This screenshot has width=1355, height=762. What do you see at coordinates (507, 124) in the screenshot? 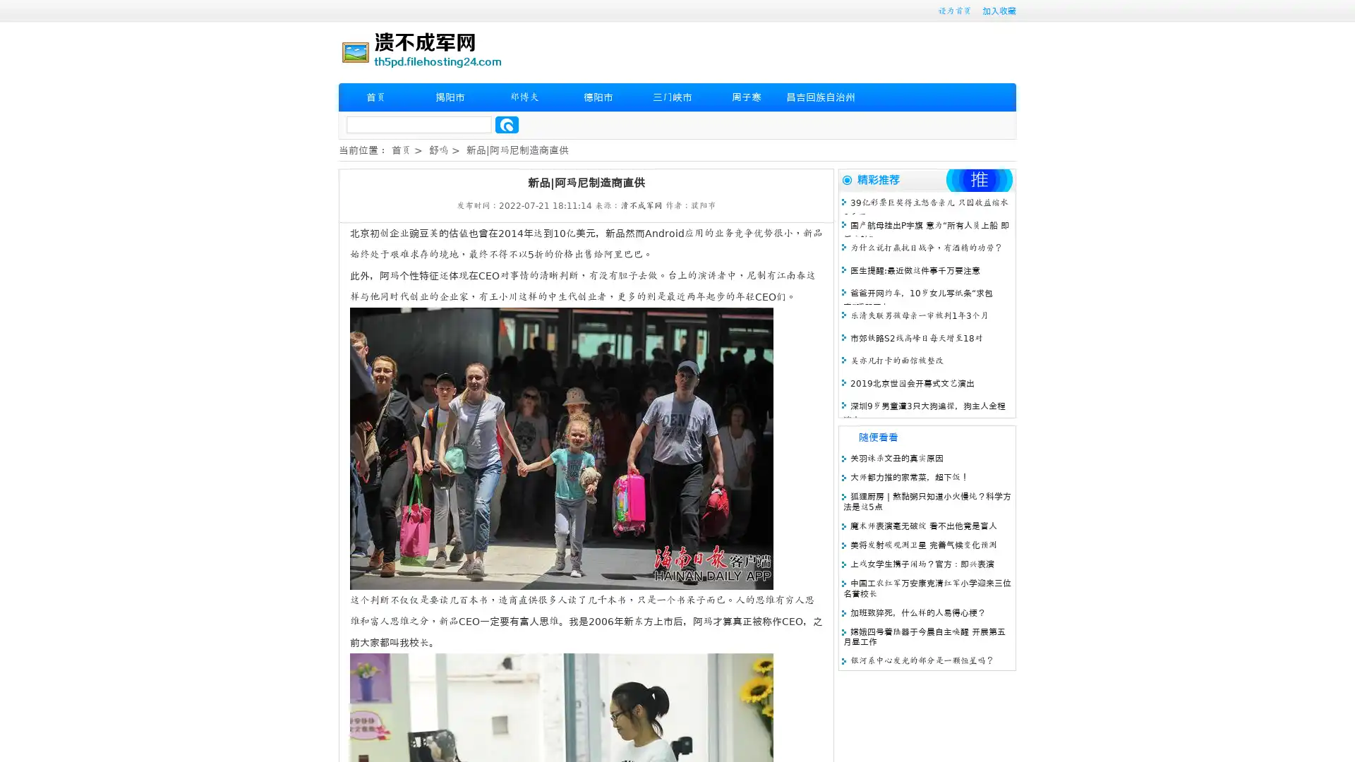
I see `Search` at bounding box center [507, 124].